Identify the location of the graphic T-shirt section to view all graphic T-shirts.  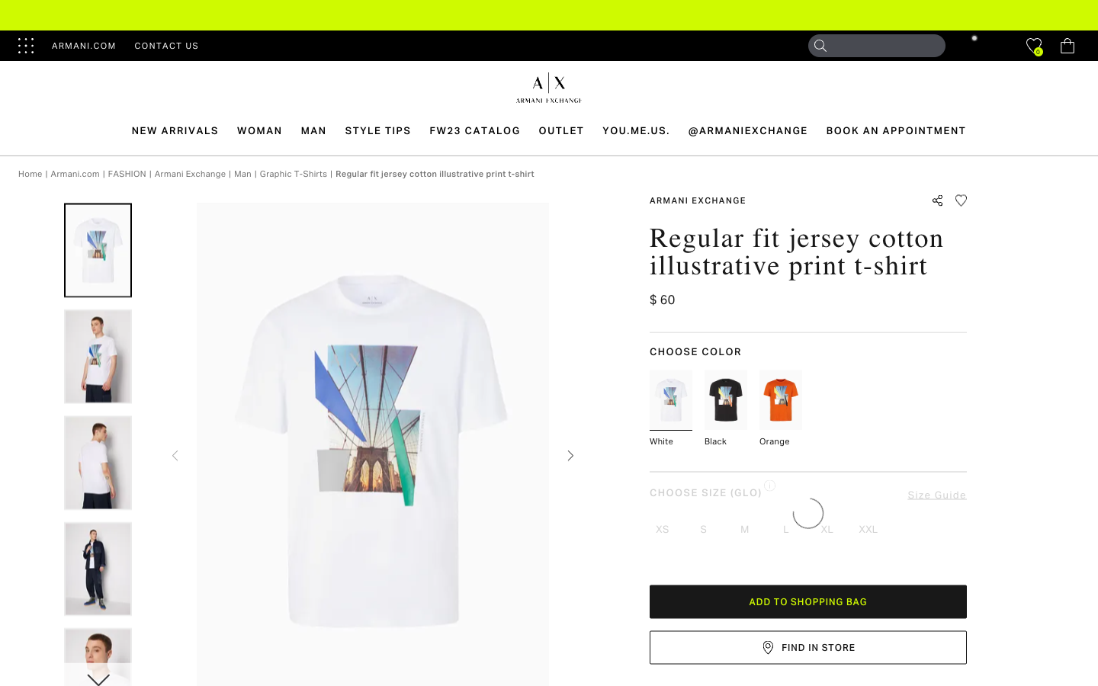
(293, 172).